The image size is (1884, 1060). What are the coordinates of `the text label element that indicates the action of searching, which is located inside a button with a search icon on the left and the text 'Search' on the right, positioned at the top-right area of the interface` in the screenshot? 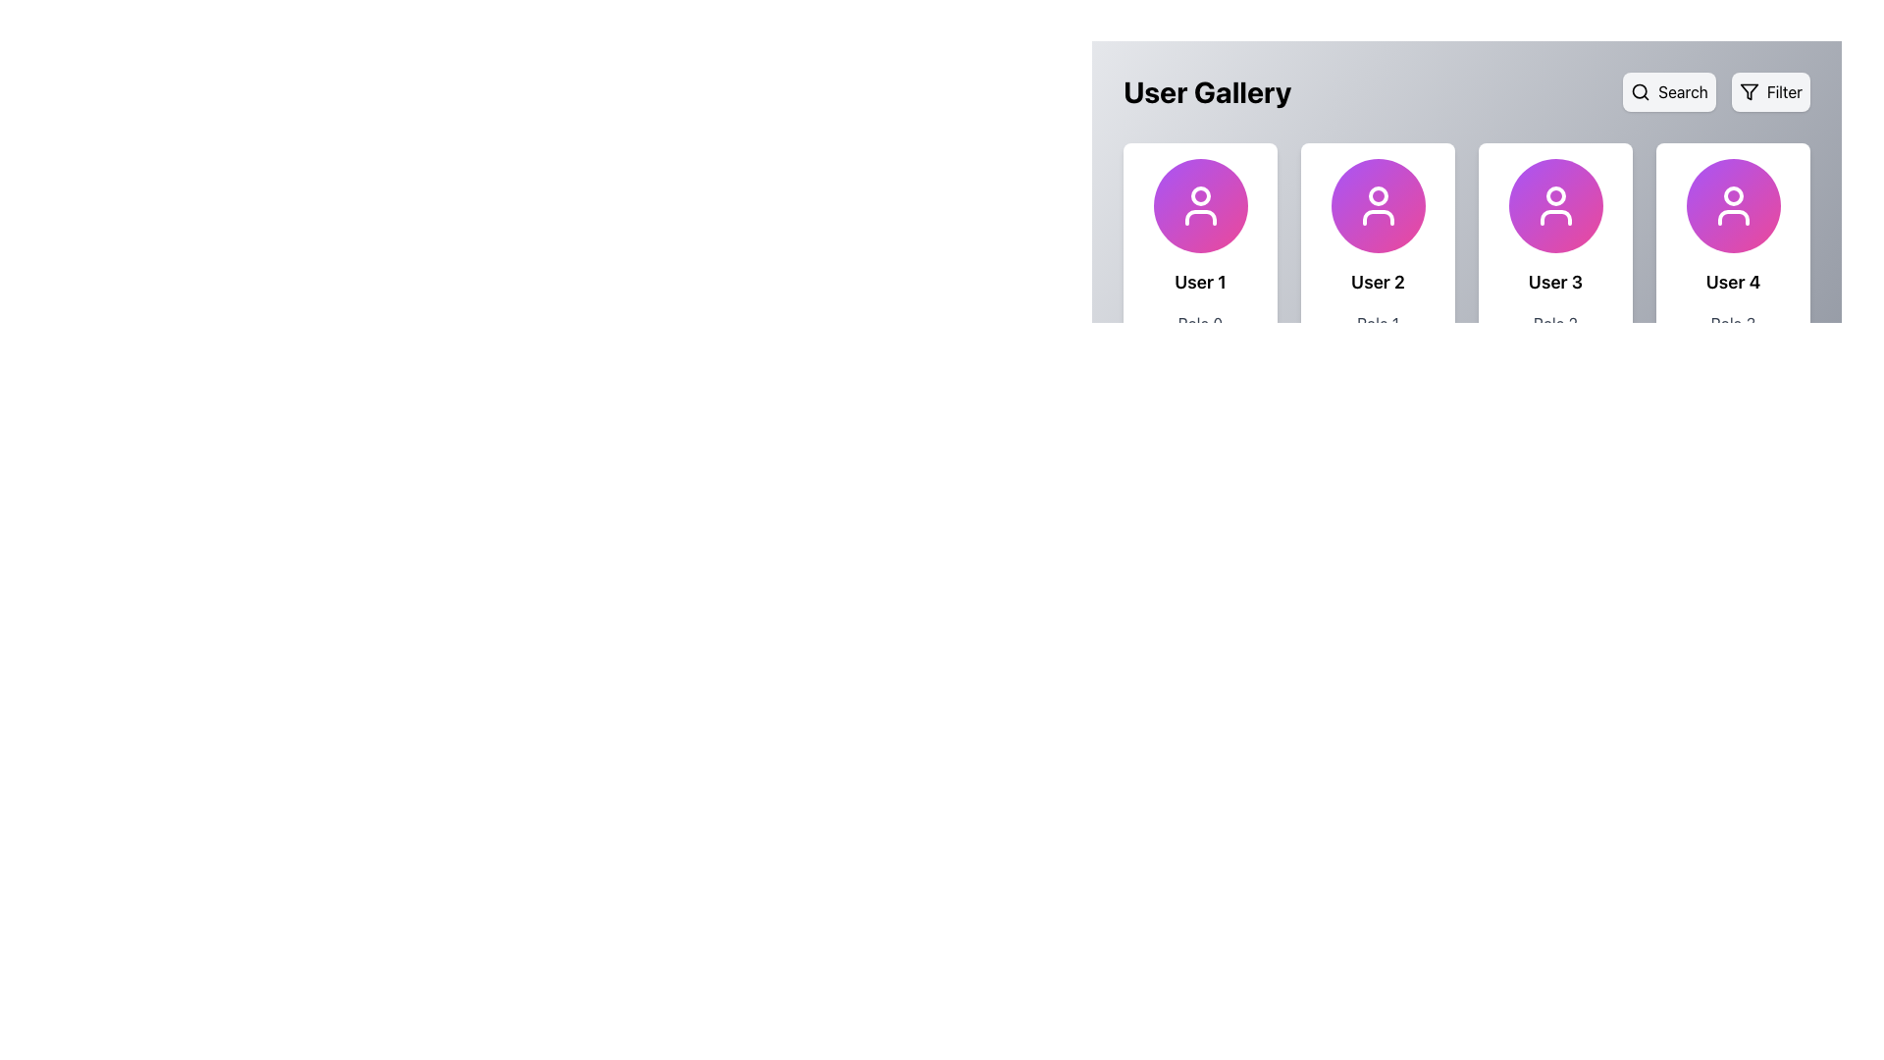 It's located at (1682, 91).